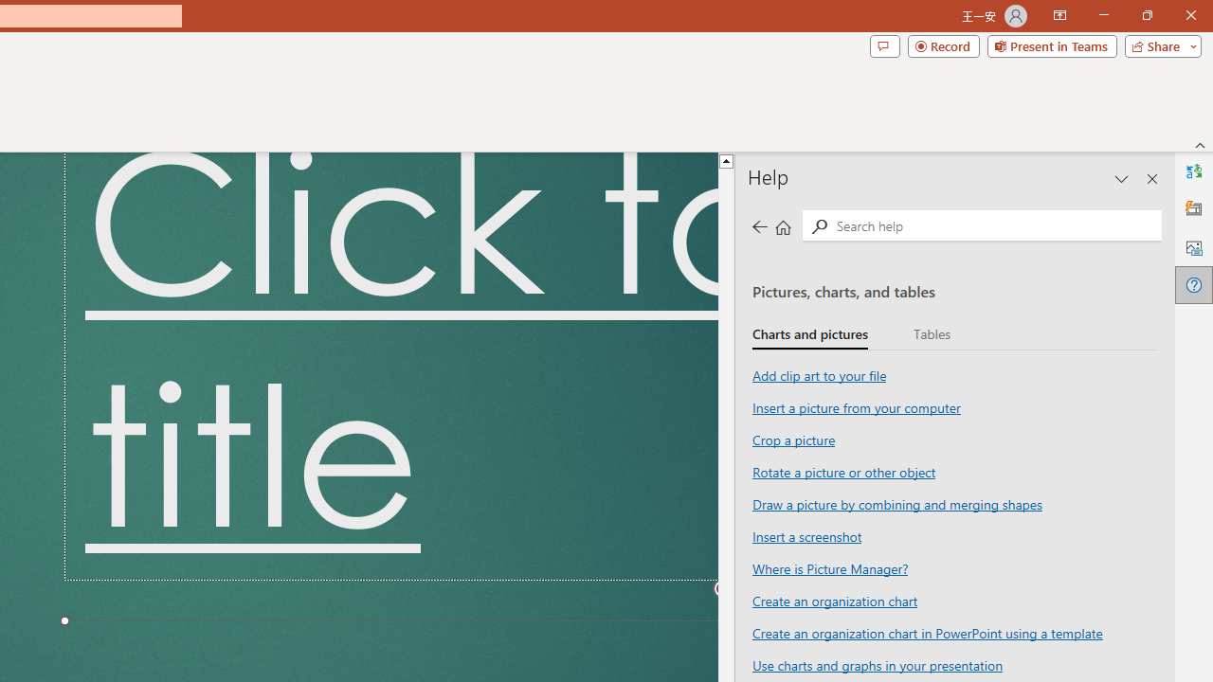  I want to click on 'Insert a picture from your computer', so click(855, 406).